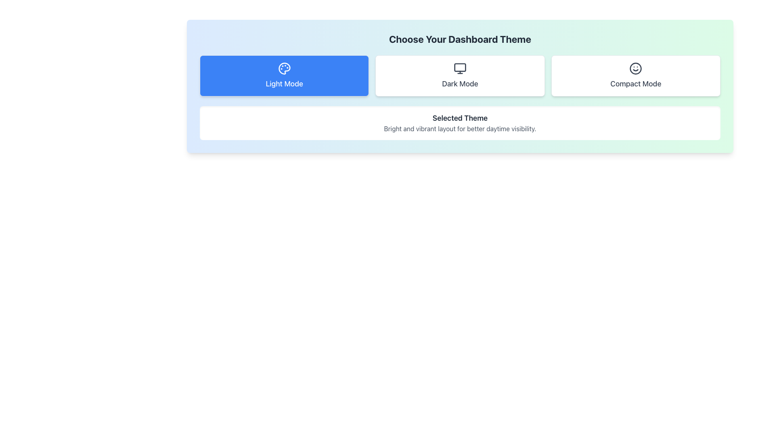  I want to click on the 'Light Mode' button, so click(284, 76).